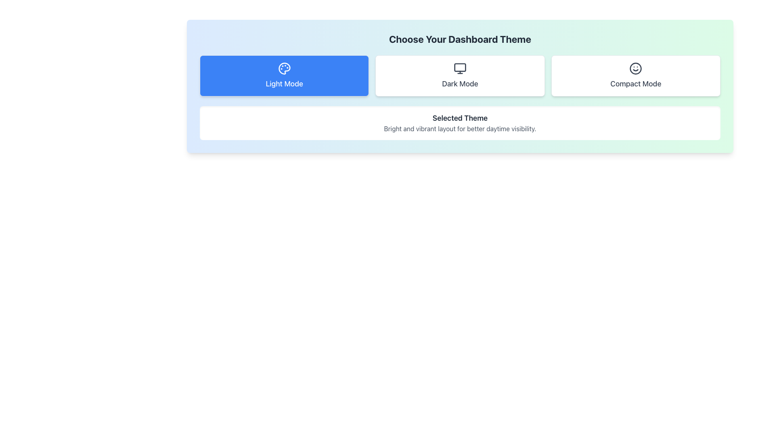  I want to click on the 'Light Mode' button, so click(284, 76).